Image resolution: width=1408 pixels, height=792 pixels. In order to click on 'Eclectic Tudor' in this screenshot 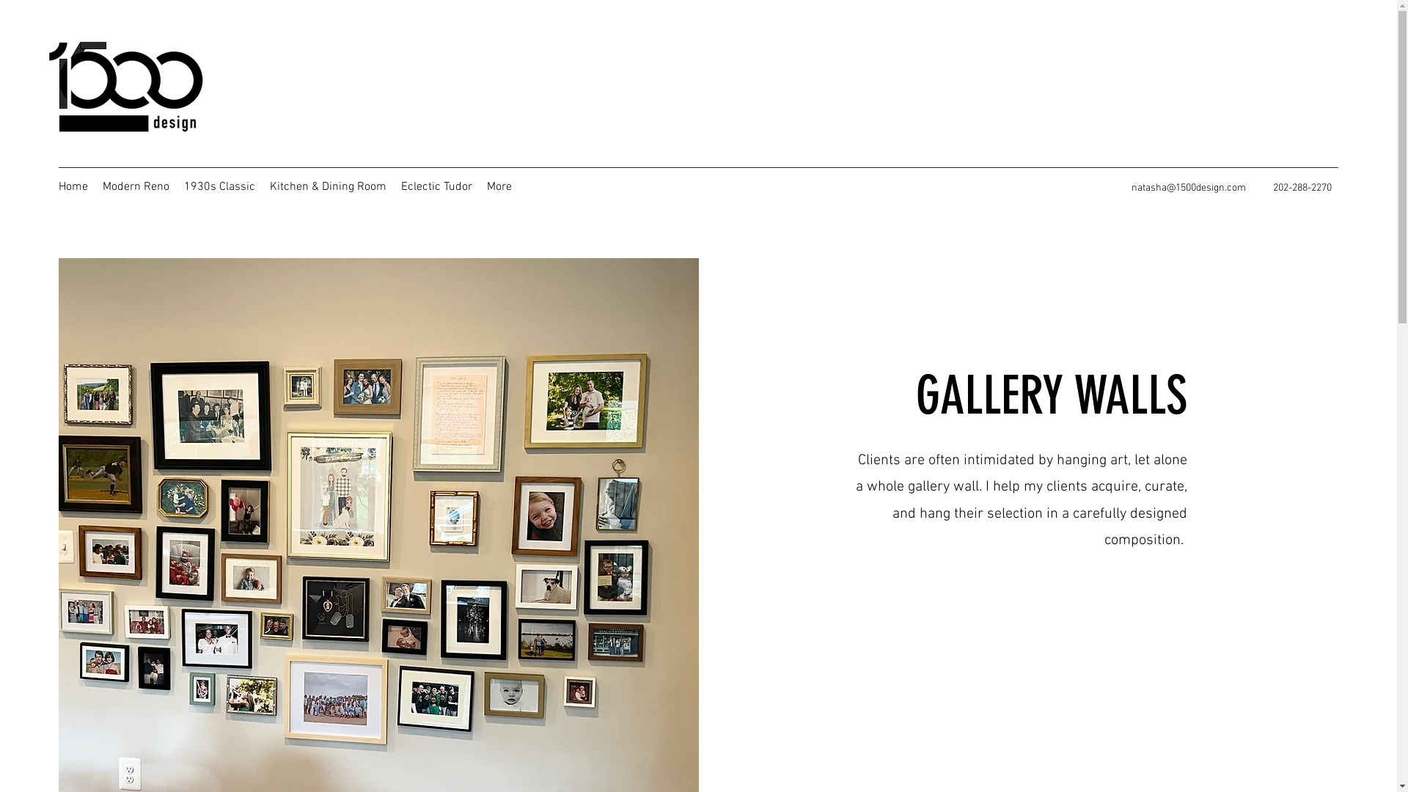, I will do `click(394, 186)`.